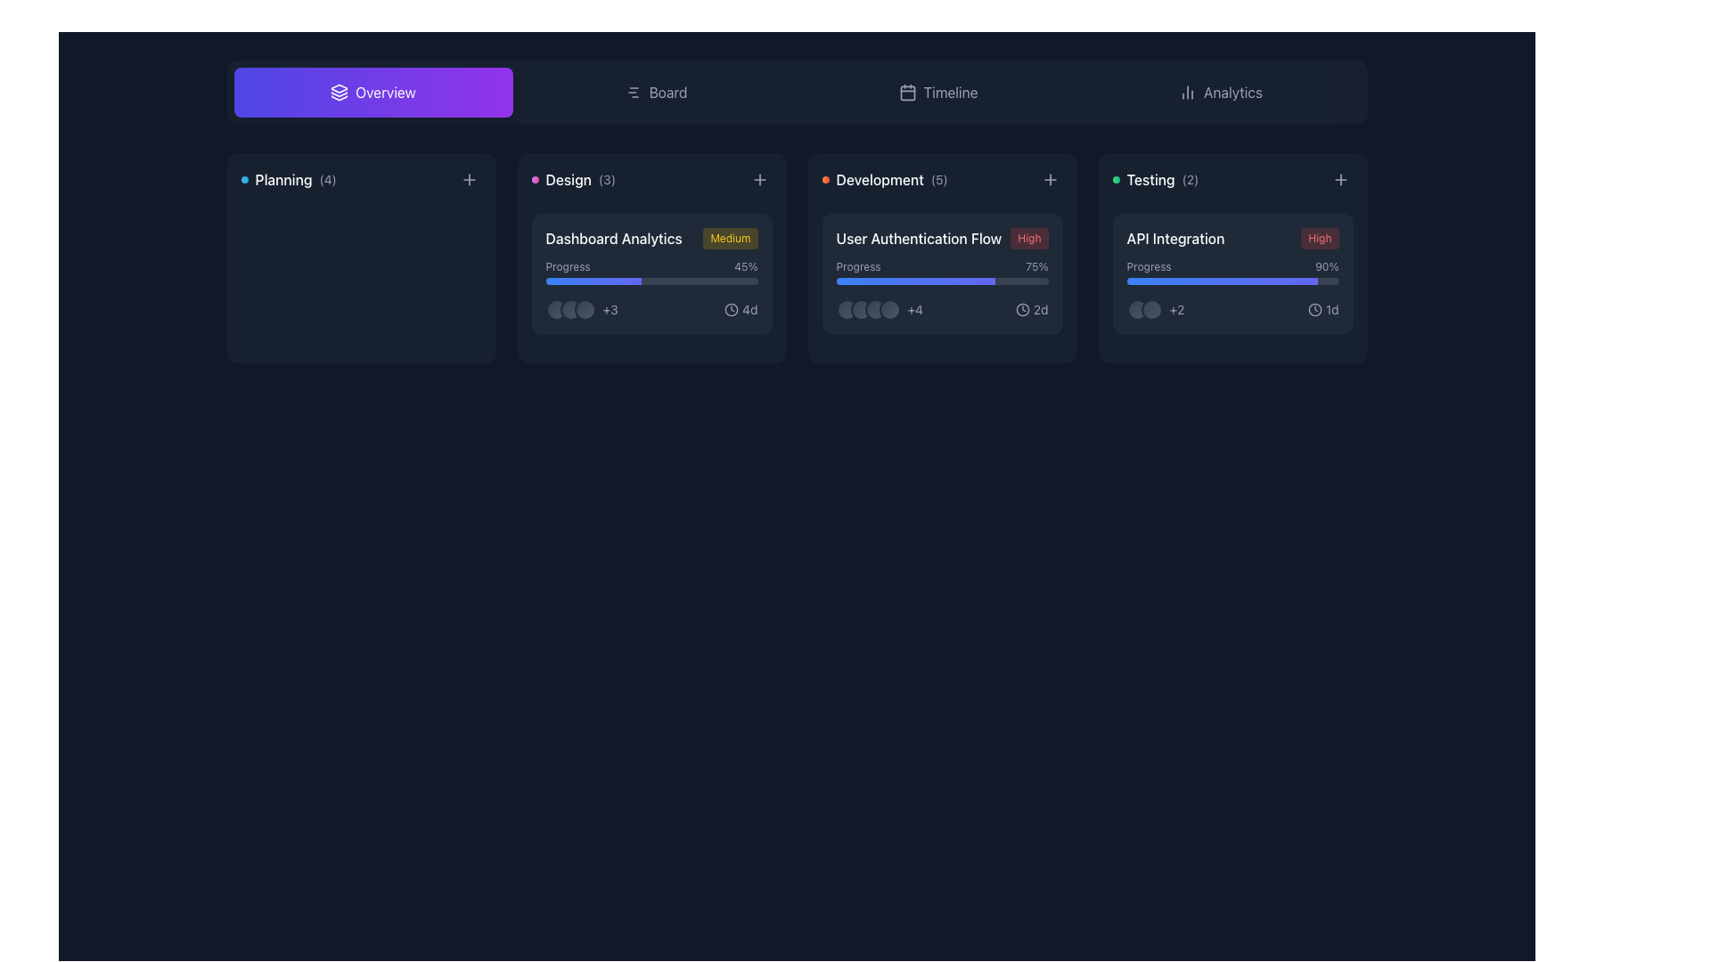 The width and height of the screenshot is (1711, 962). Describe the element at coordinates (1050, 179) in the screenshot. I see `the interactive button located at the upper-right corner of the 'Development (5)' section` at that location.